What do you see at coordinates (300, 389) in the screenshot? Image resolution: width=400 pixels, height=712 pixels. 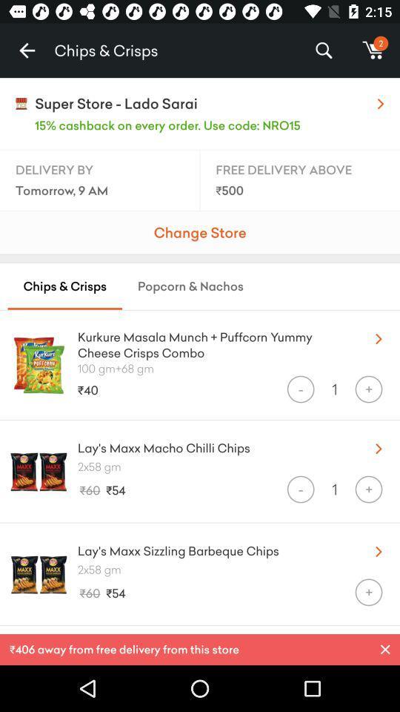 I see `icon below the 100 gm 68` at bounding box center [300, 389].